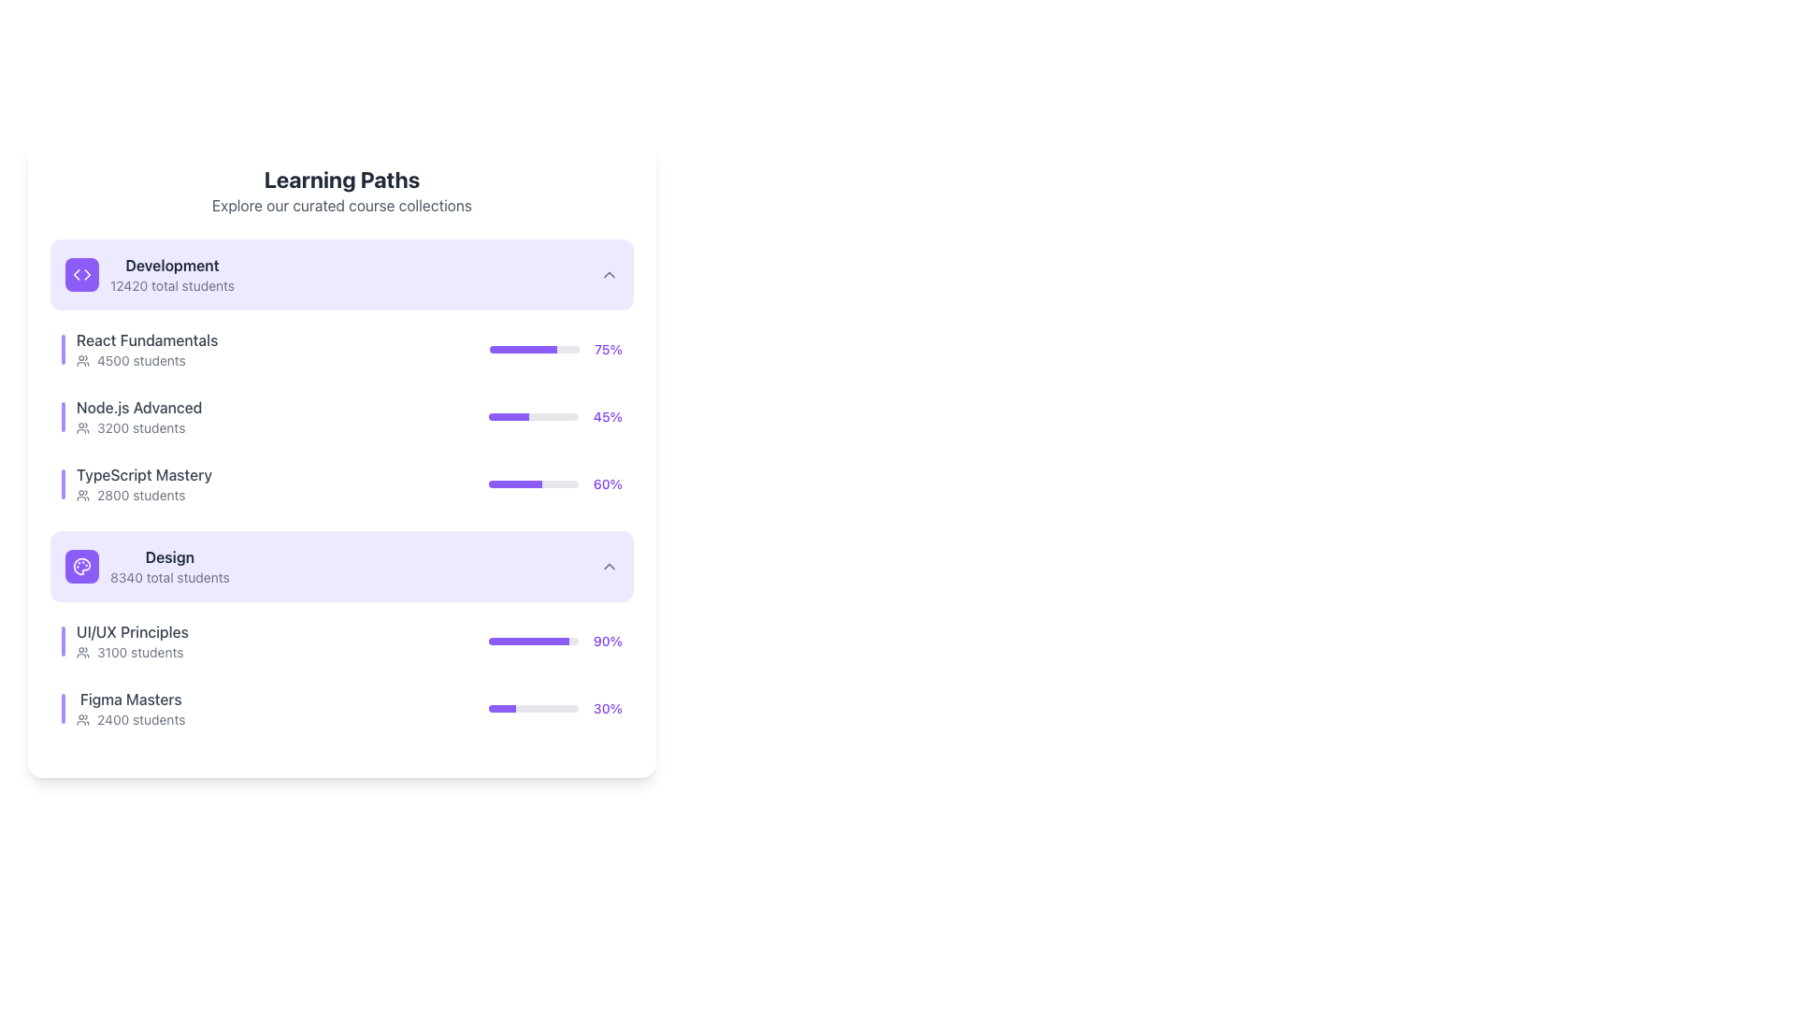  I want to click on the information of the 'Students' text element associated with the 'Figma Masters' course, located below the course title in the 'Design' section, so click(130, 719).